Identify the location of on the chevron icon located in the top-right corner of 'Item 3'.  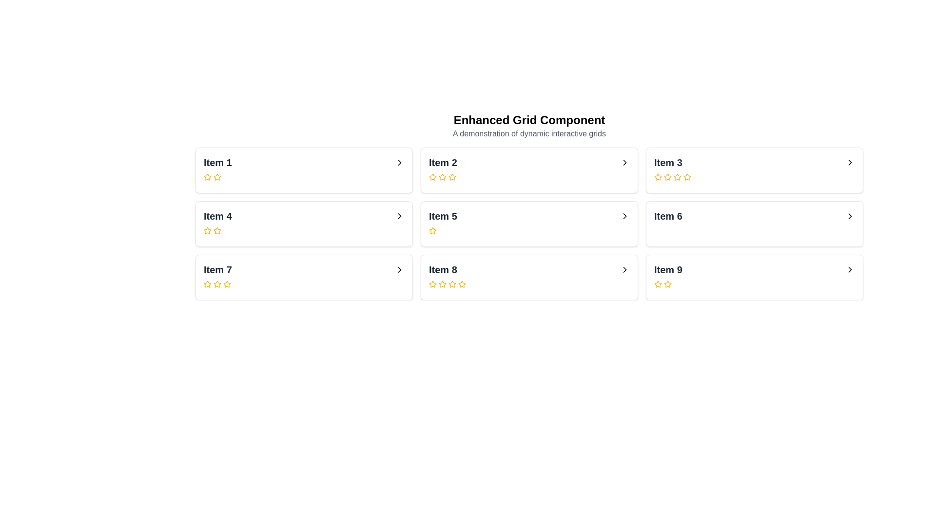
(849, 162).